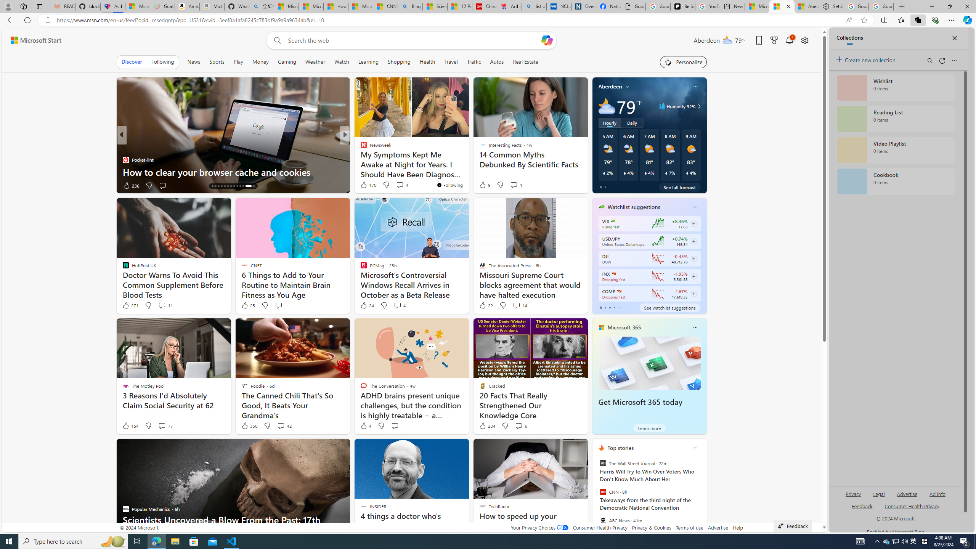  I want to click on 'Discover', so click(132, 61).